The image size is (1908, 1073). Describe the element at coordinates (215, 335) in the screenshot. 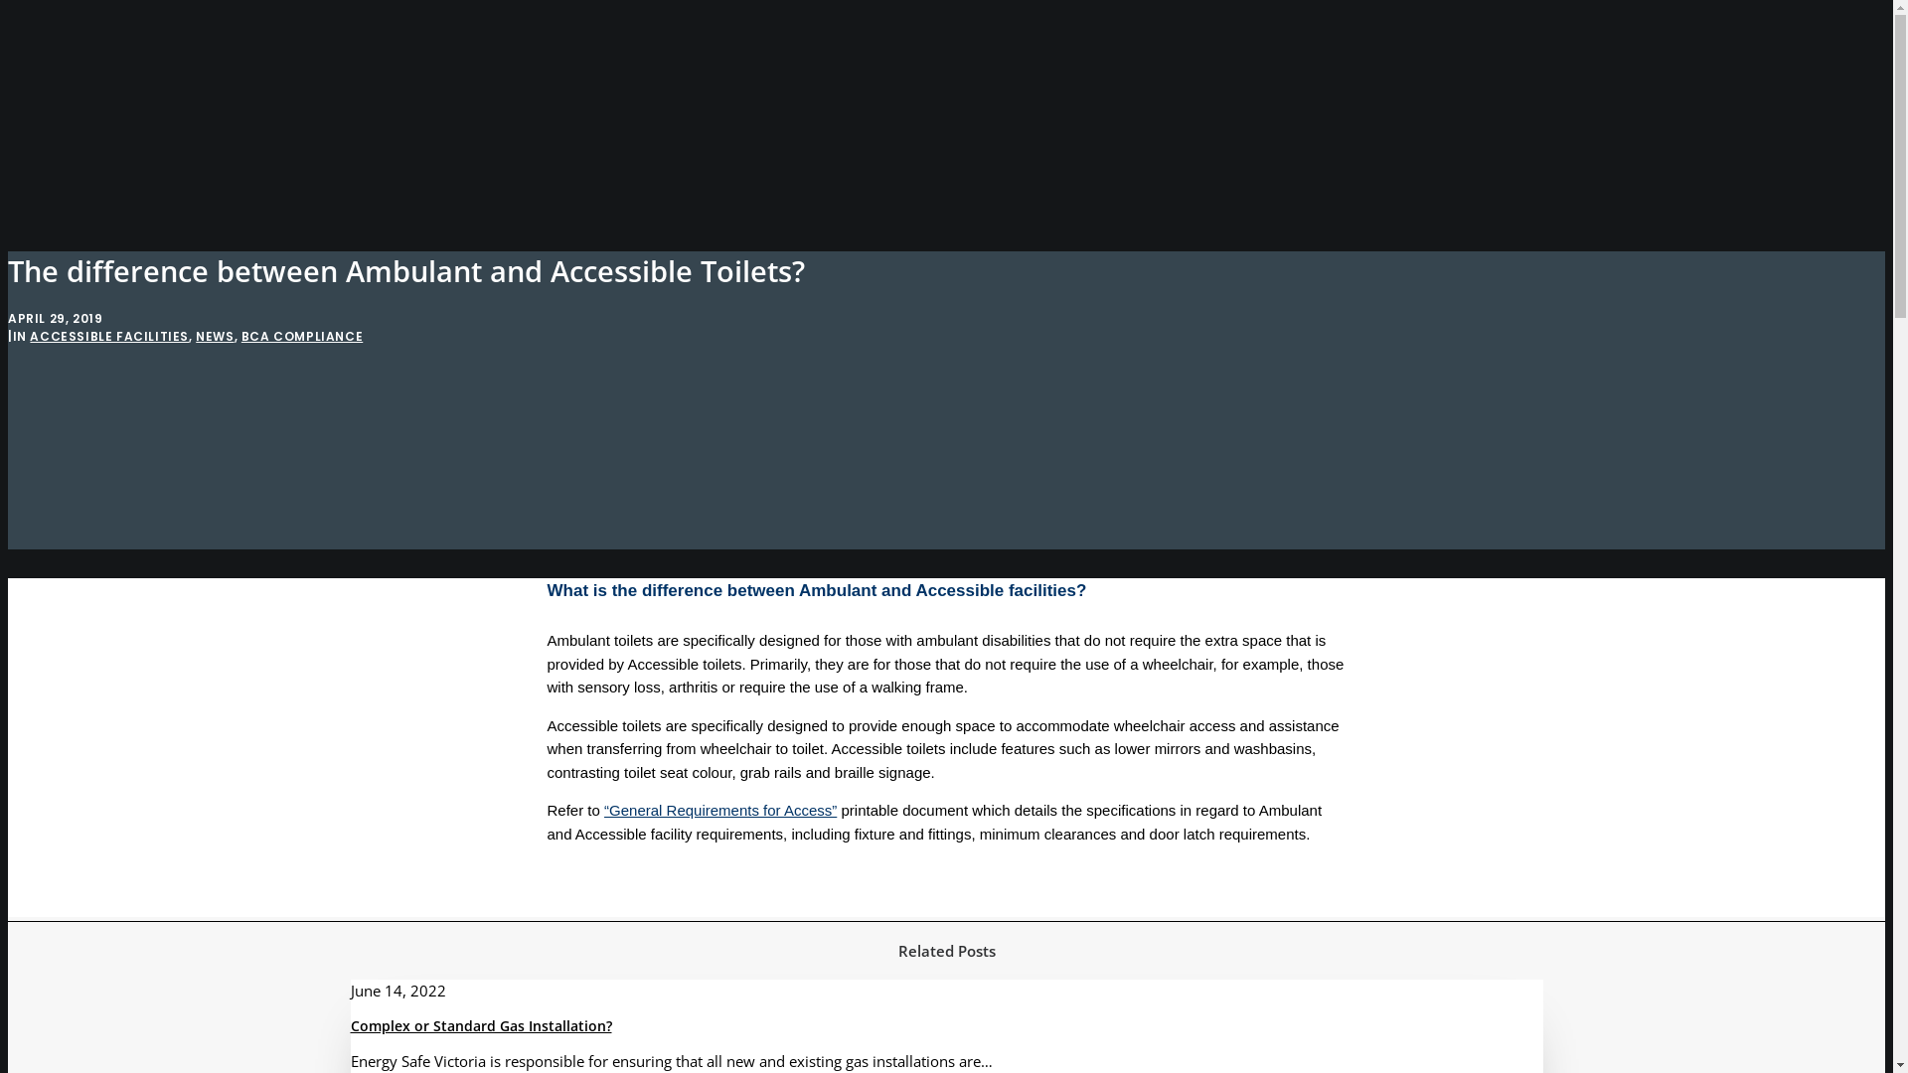

I see `'NEWS'` at that location.